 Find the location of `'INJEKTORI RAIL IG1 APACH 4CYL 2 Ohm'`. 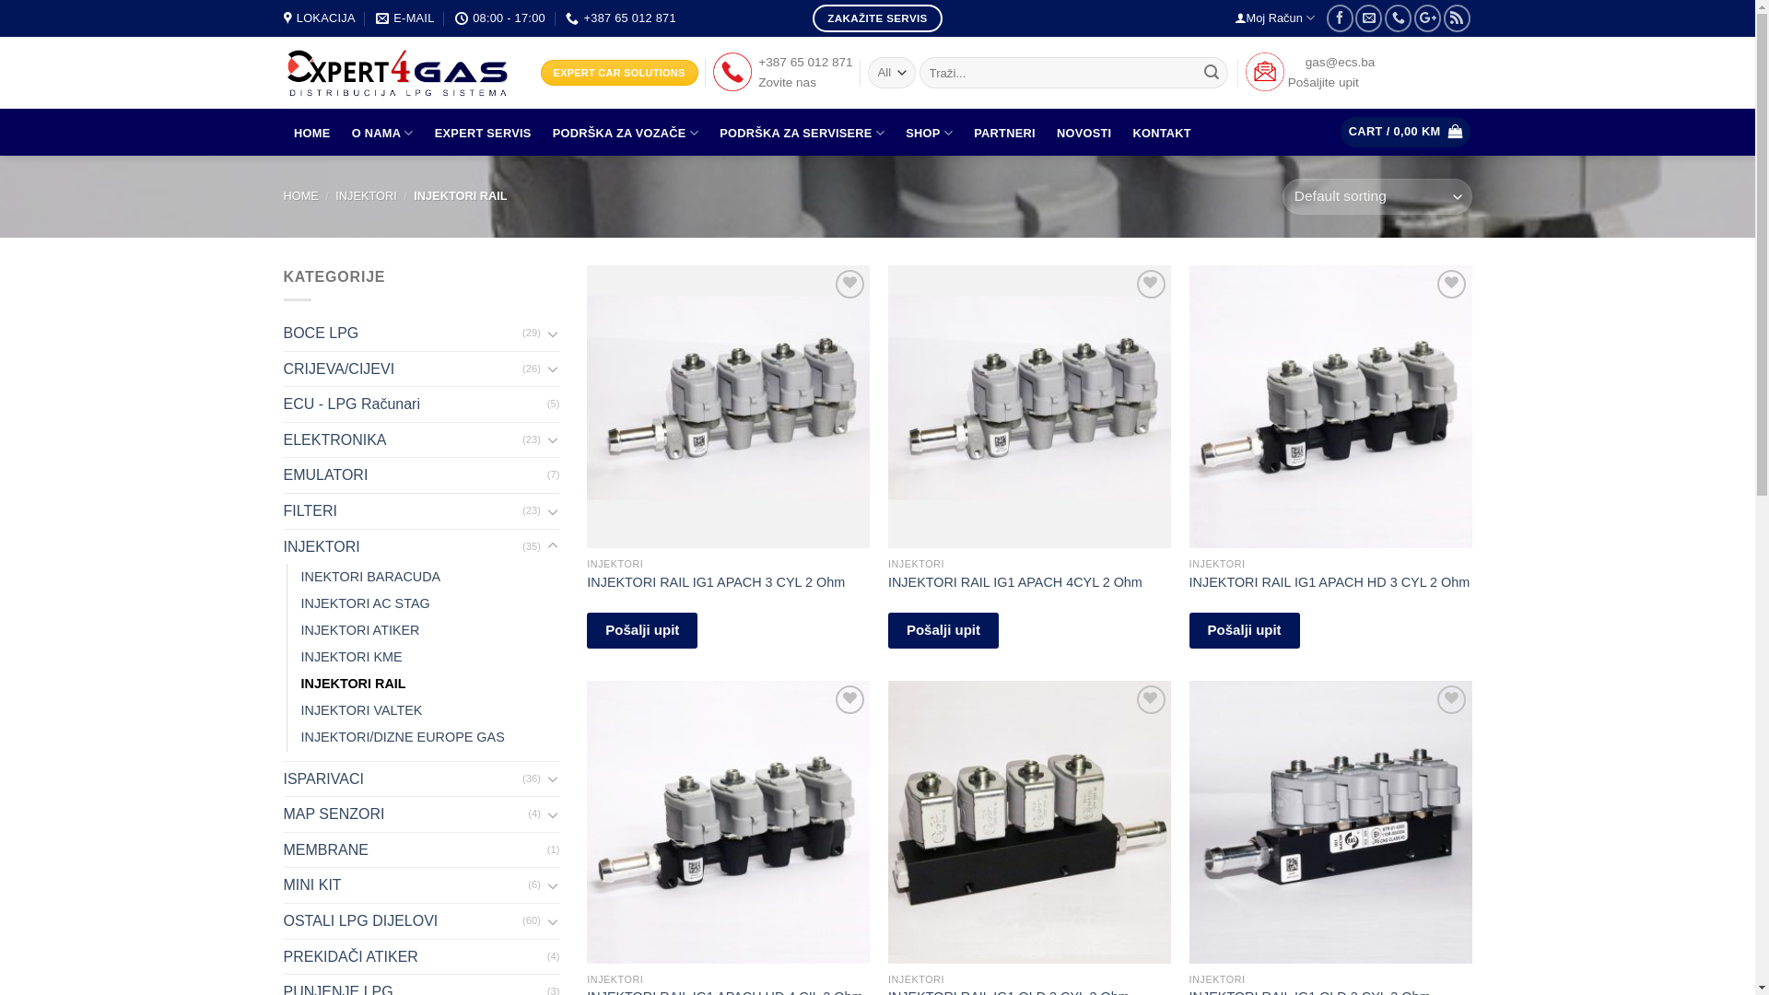

'INJEKTORI RAIL IG1 APACH 4CYL 2 Ohm' is located at coordinates (1014, 582).